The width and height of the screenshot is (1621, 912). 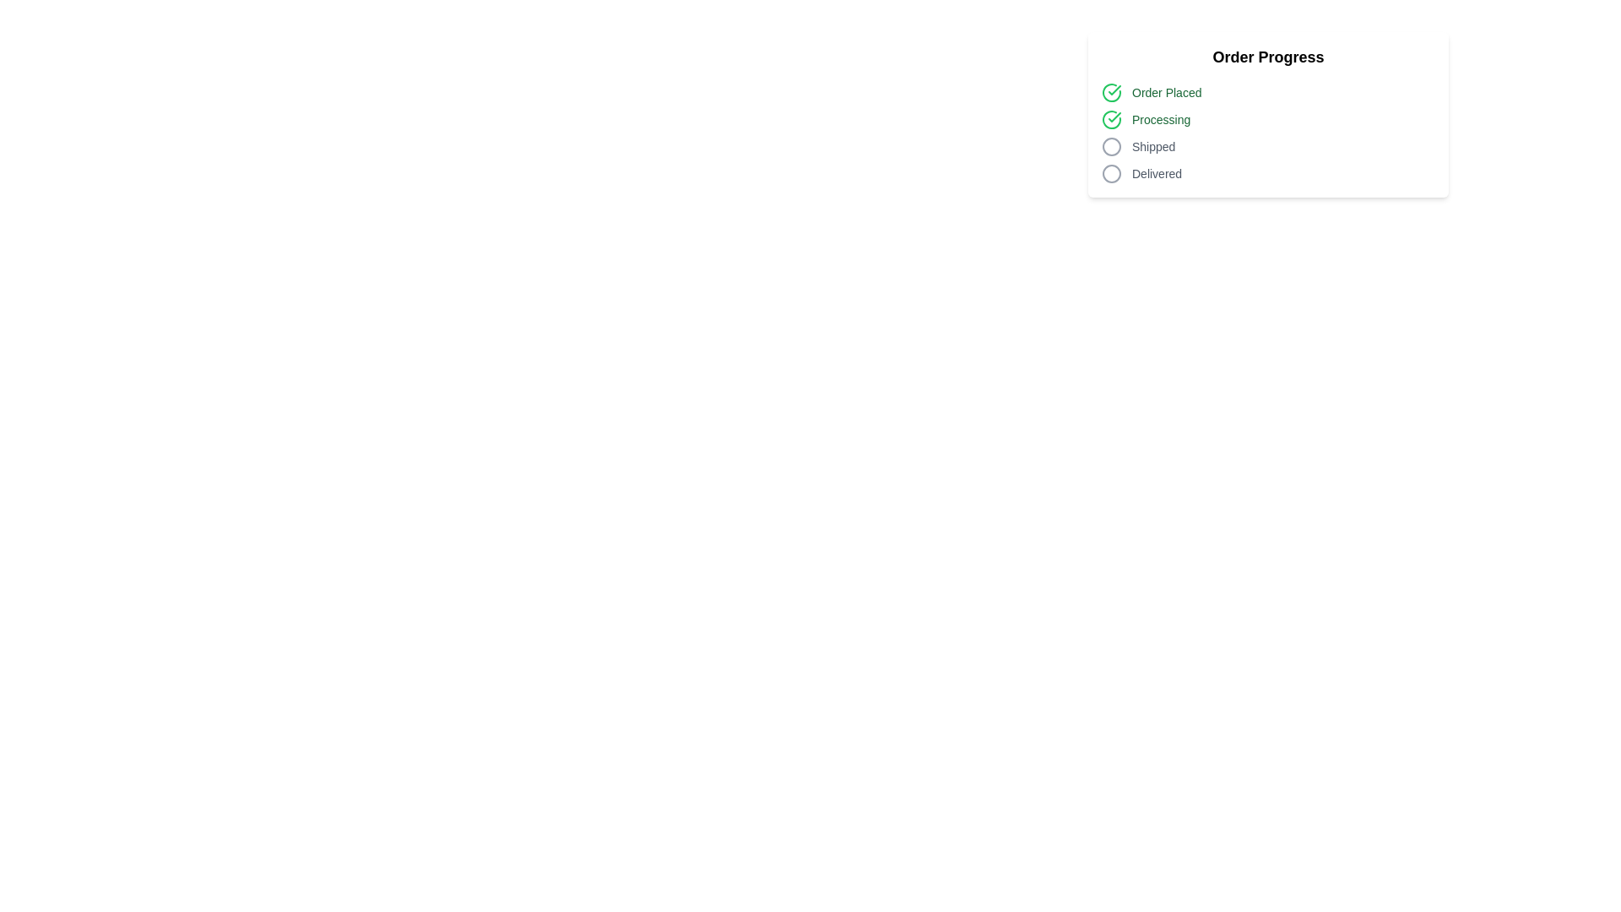 What do you see at coordinates (1111, 145) in the screenshot?
I see `the circular outline icon with a gray color located to the left of the text 'Shipped' in the 'Order Progress' section` at bounding box center [1111, 145].